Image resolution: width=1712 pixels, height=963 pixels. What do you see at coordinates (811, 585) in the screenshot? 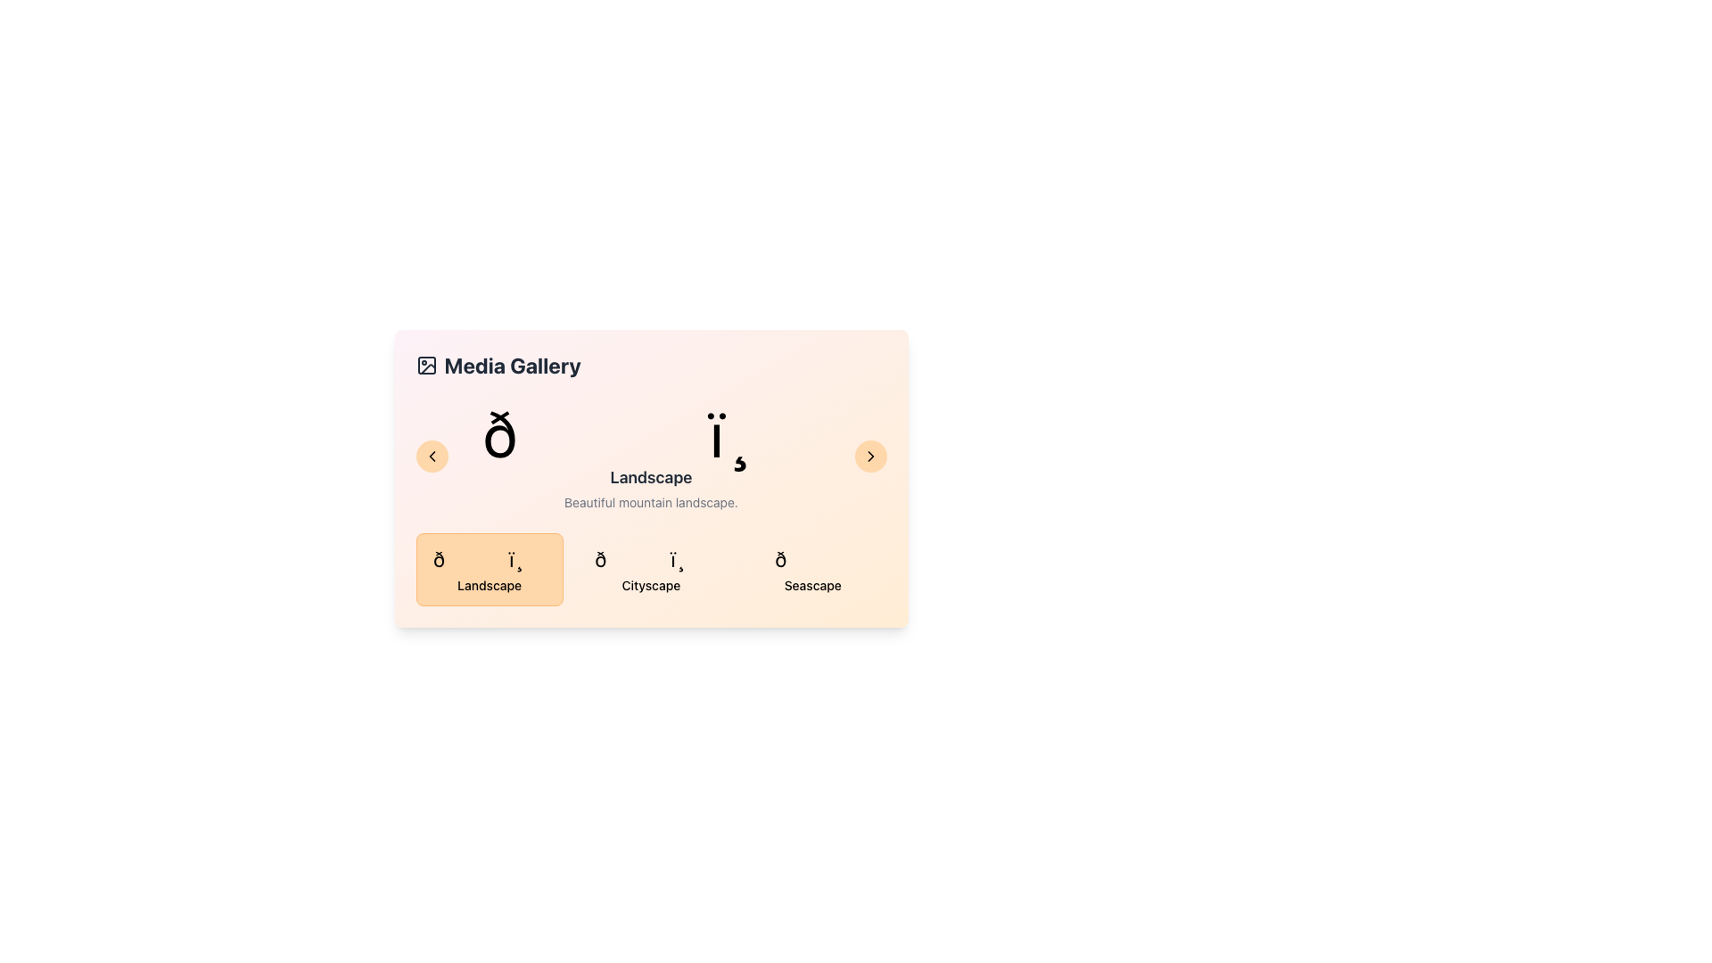
I see `the text label located in the bottom row of the selectable grid under the 'Media Gallery' section, positioned to the far-right and below the emoji-like symbol associated with 'Seascape'` at bounding box center [811, 585].